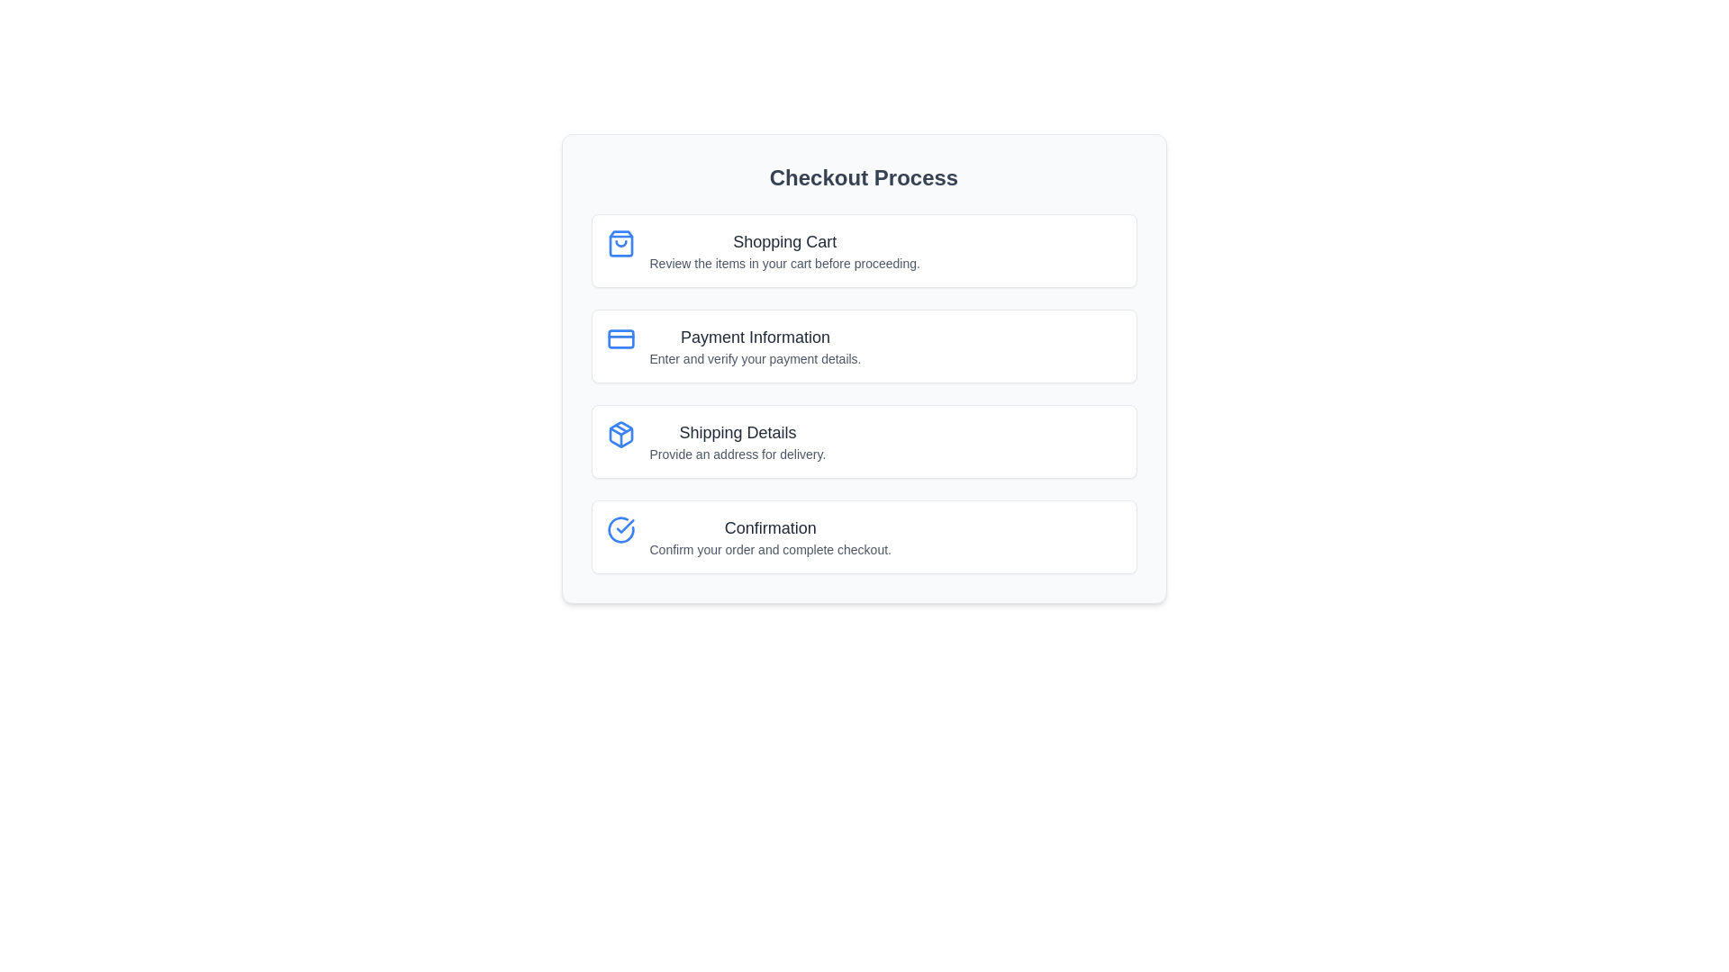 The image size is (1729, 972). What do you see at coordinates (770, 526) in the screenshot?
I see `the confirmation header in the checkout process that provides guidance on the current section` at bounding box center [770, 526].